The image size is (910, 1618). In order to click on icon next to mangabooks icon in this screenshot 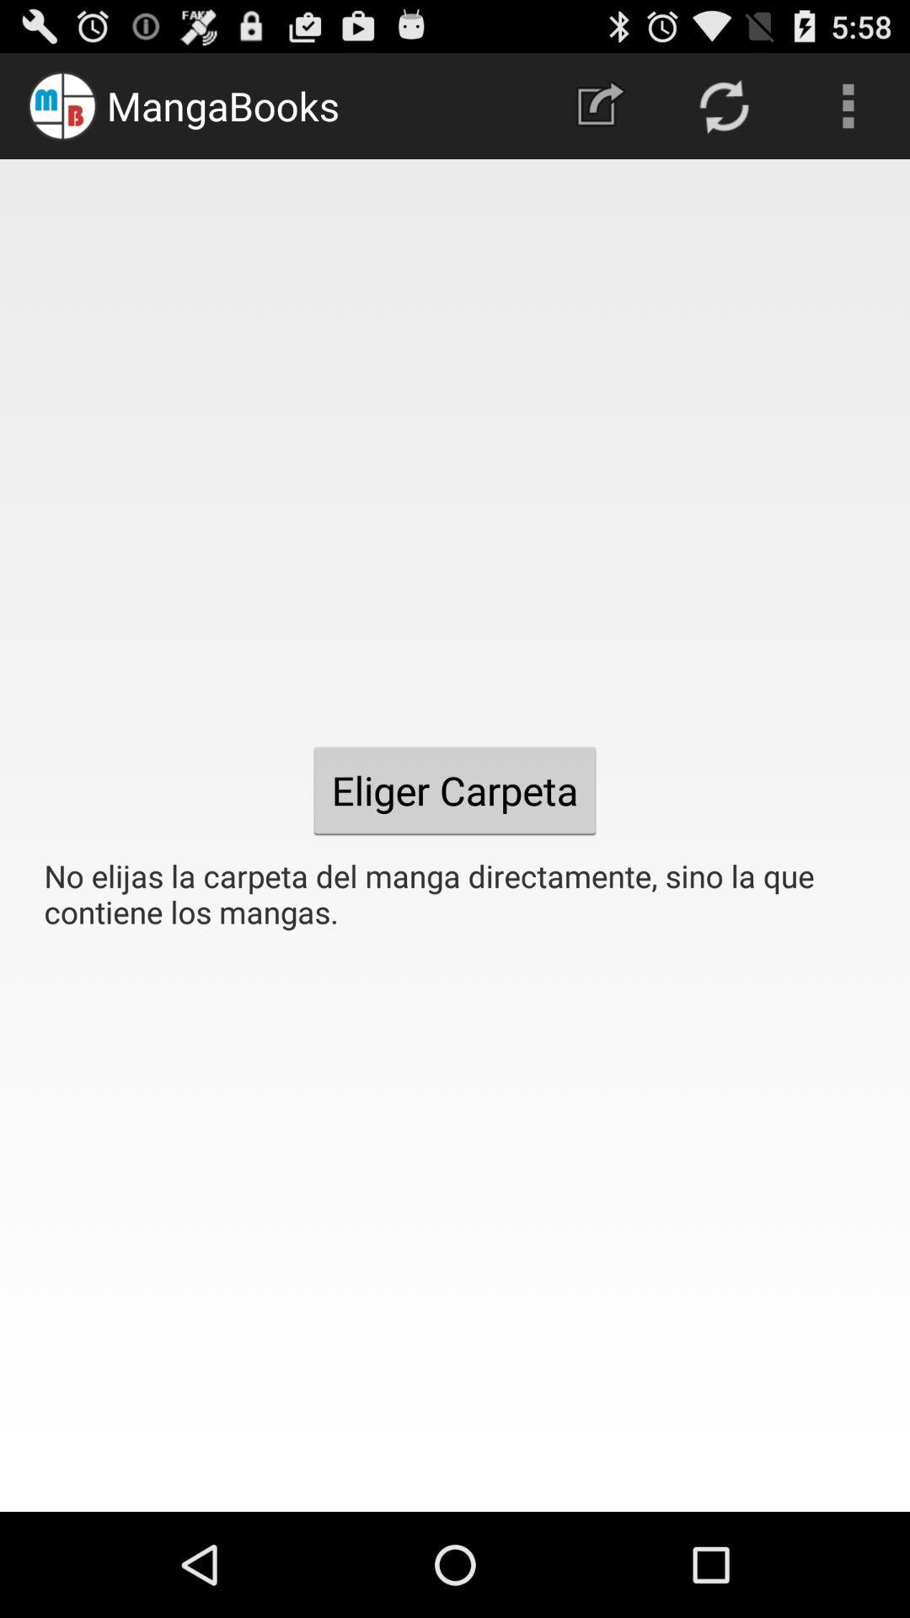, I will do `click(599, 104)`.